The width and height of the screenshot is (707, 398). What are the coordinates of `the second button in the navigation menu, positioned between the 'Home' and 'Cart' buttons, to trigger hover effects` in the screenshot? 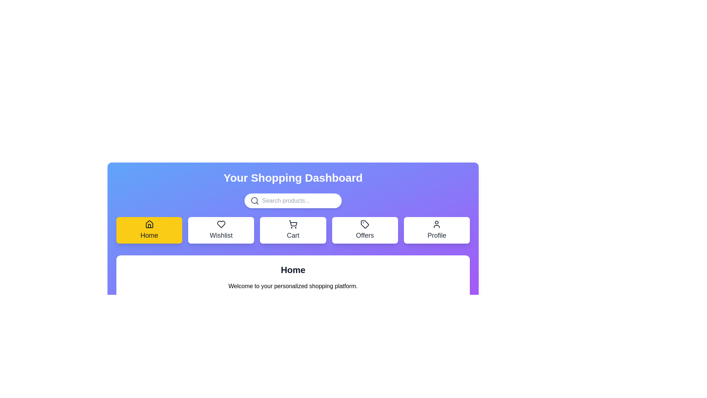 It's located at (221, 230).